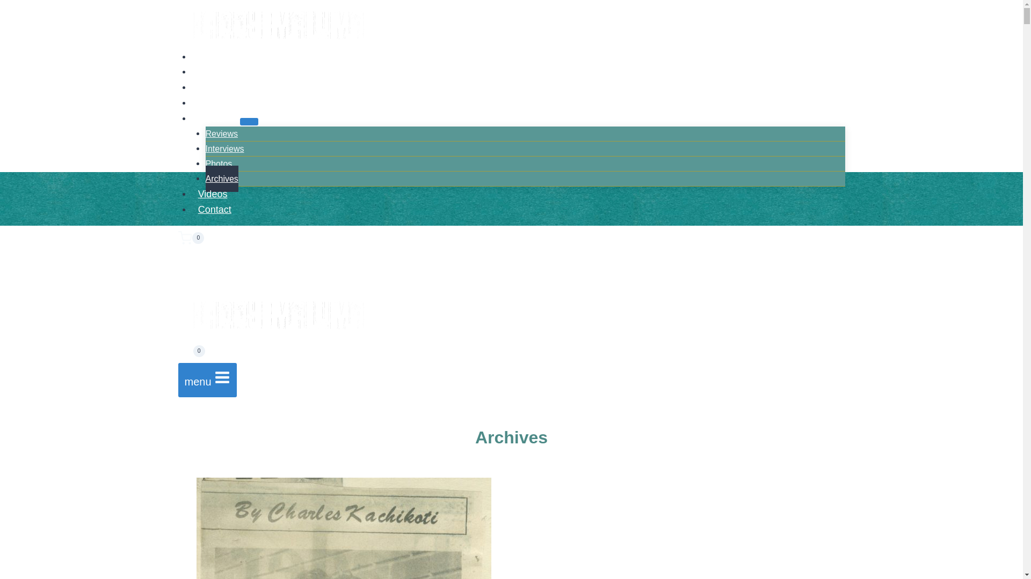  What do you see at coordinates (210, 56) in the screenshot?
I see `'Home'` at bounding box center [210, 56].